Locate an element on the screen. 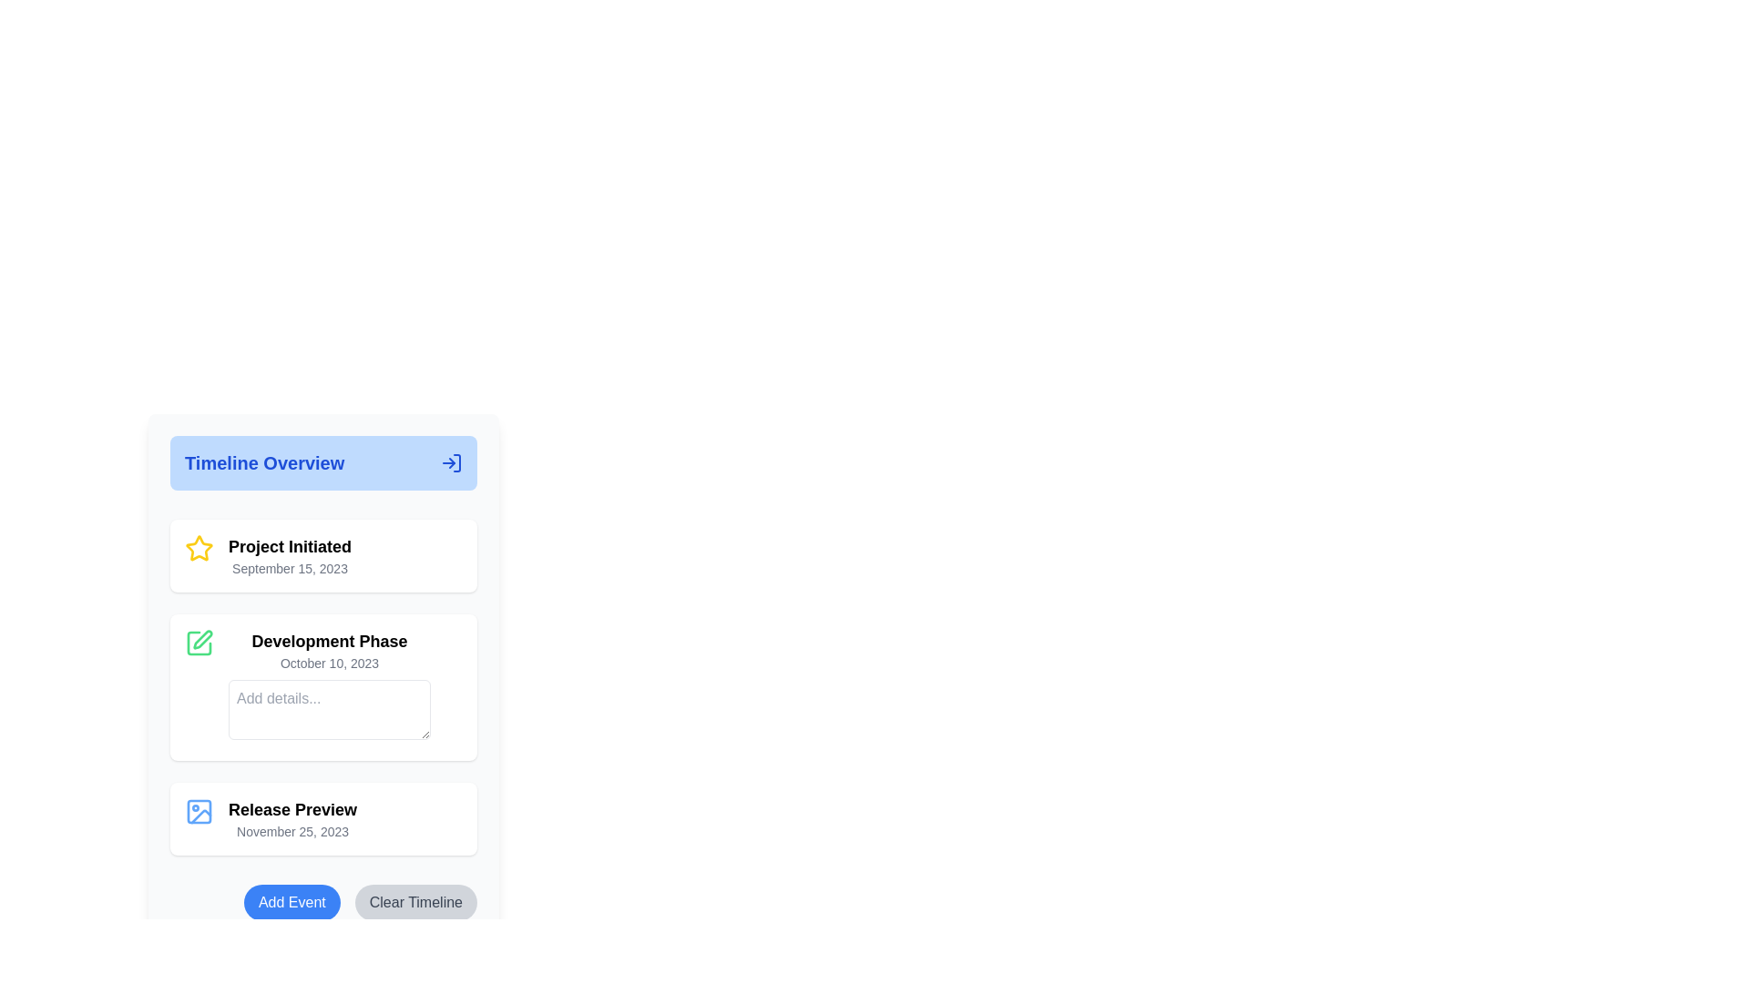 The height and width of the screenshot is (983, 1749). date displayed in the gray font label that shows 'September 15, 2023', located below the 'Project Initiated' heading and to the right of the yellow star icon in the timeline view is located at coordinates (289, 567).